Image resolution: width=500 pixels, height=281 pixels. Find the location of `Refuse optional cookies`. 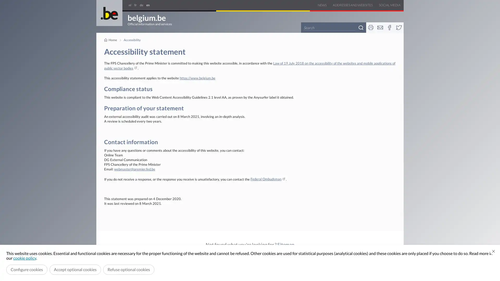

Refuse optional cookies is located at coordinates (129, 269).